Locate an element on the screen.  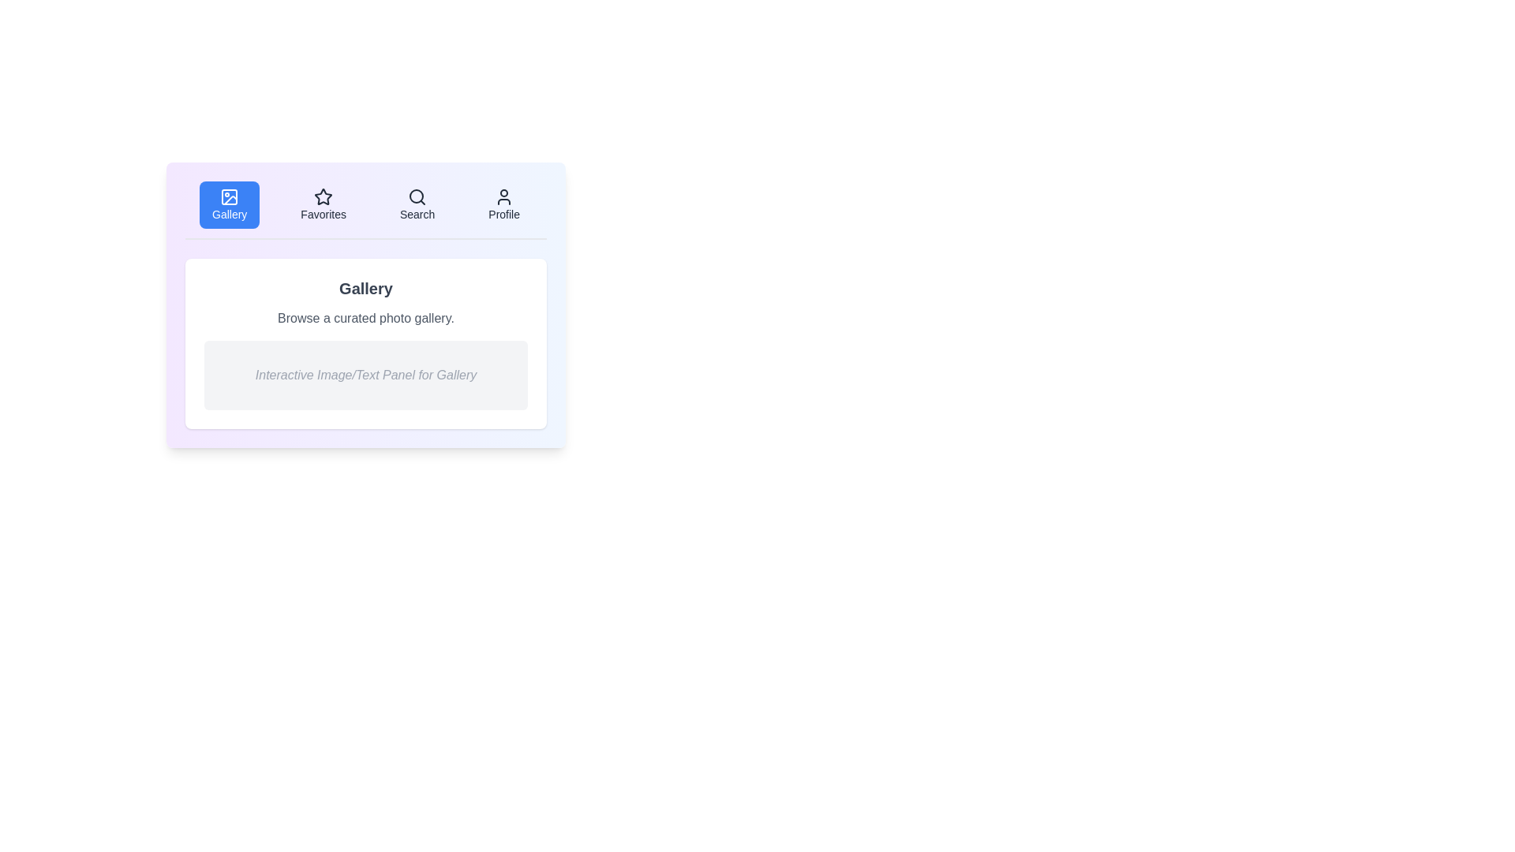
the tab icon for Favorites is located at coordinates (322, 196).